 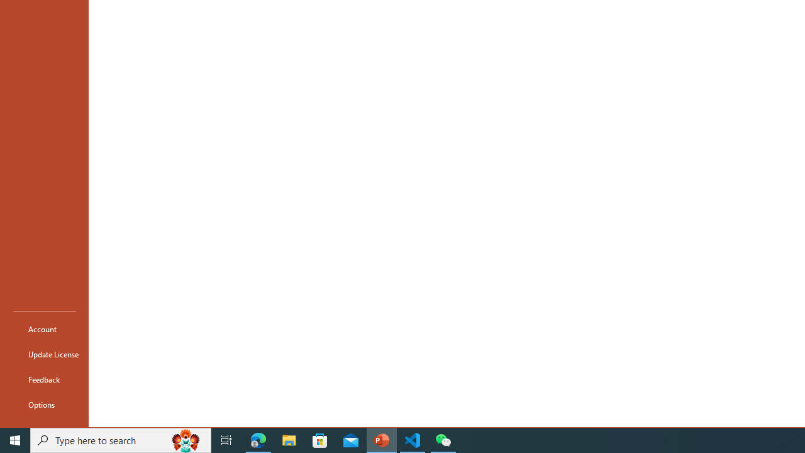 What do you see at coordinates (15, 439) in the screenshot?
I see `'Start'` at bounding box center [15, 439].